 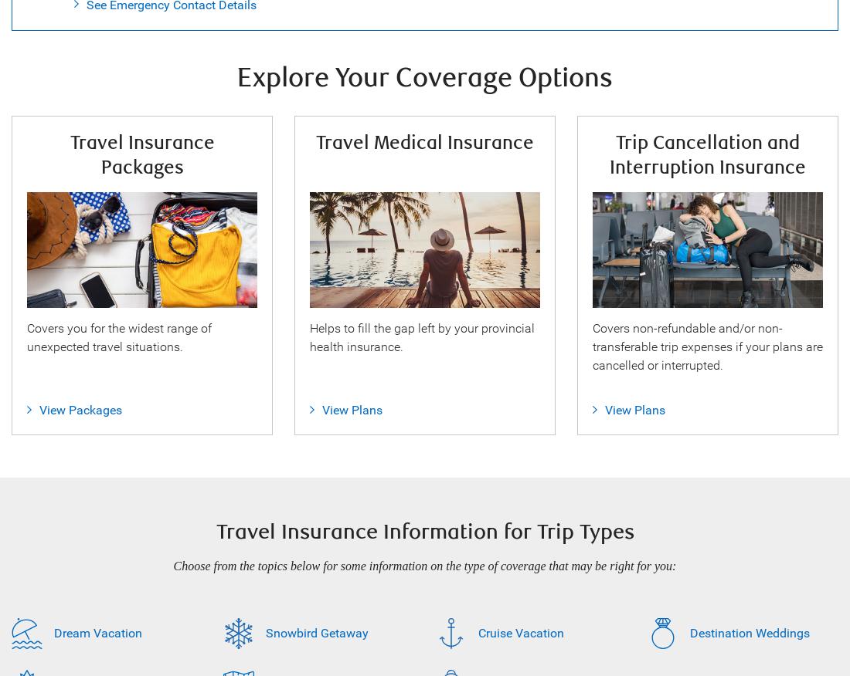 What do you see at coordinates (98, 632) in the screenshot?
I see `'Dream Vacation'` at bounding box center [98, 632].